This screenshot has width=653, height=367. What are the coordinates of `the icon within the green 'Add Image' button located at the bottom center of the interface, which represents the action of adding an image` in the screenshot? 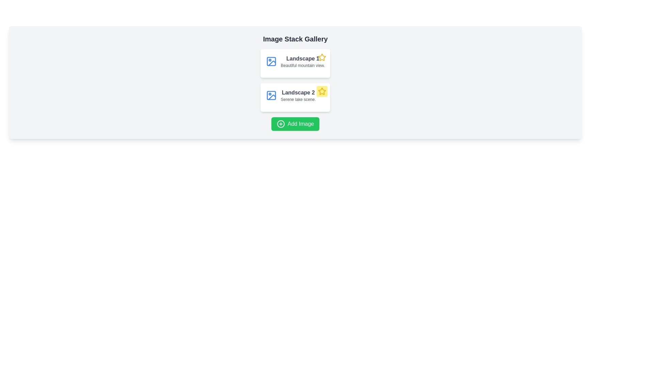 It's located at (281, 124).